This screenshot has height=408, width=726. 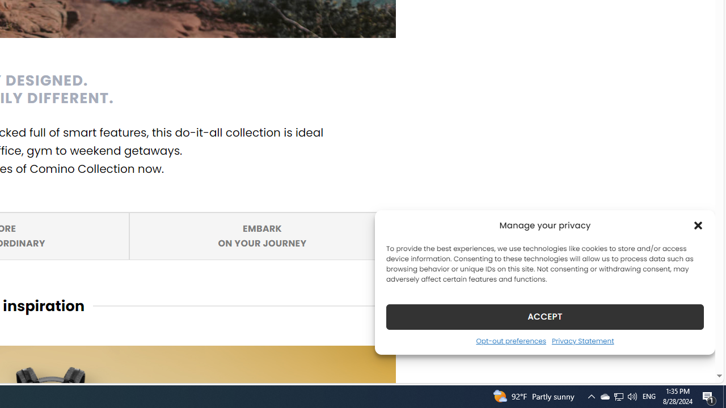 I want to click on 'Class: cmplz-close', so click(x=698, y=225).